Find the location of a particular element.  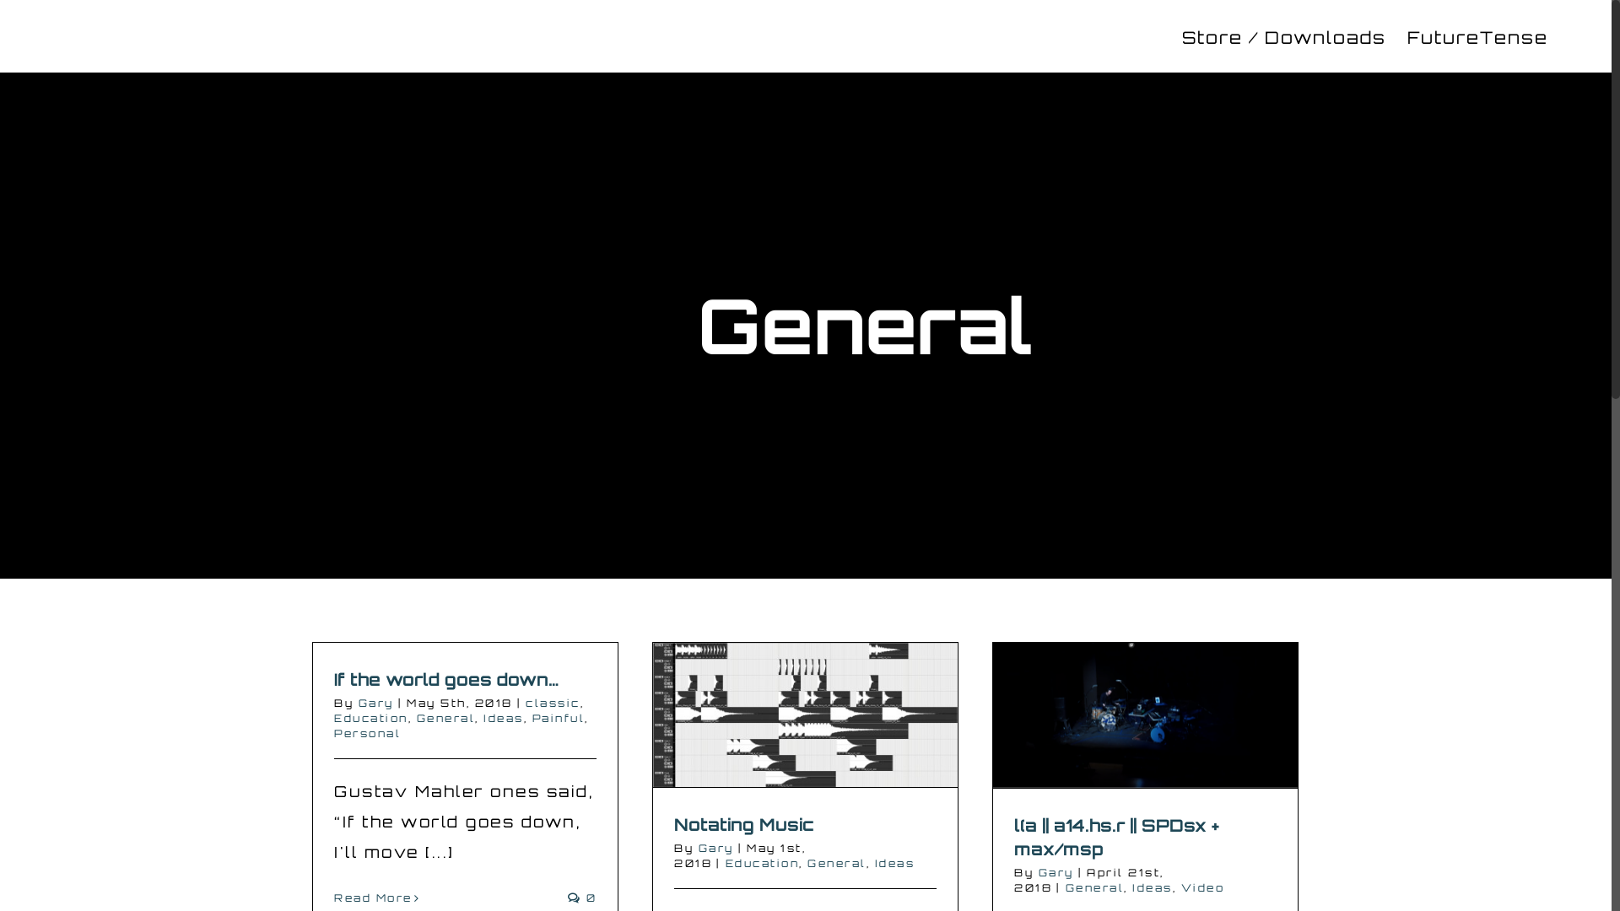

'General' is located at coordinates (445, 718).